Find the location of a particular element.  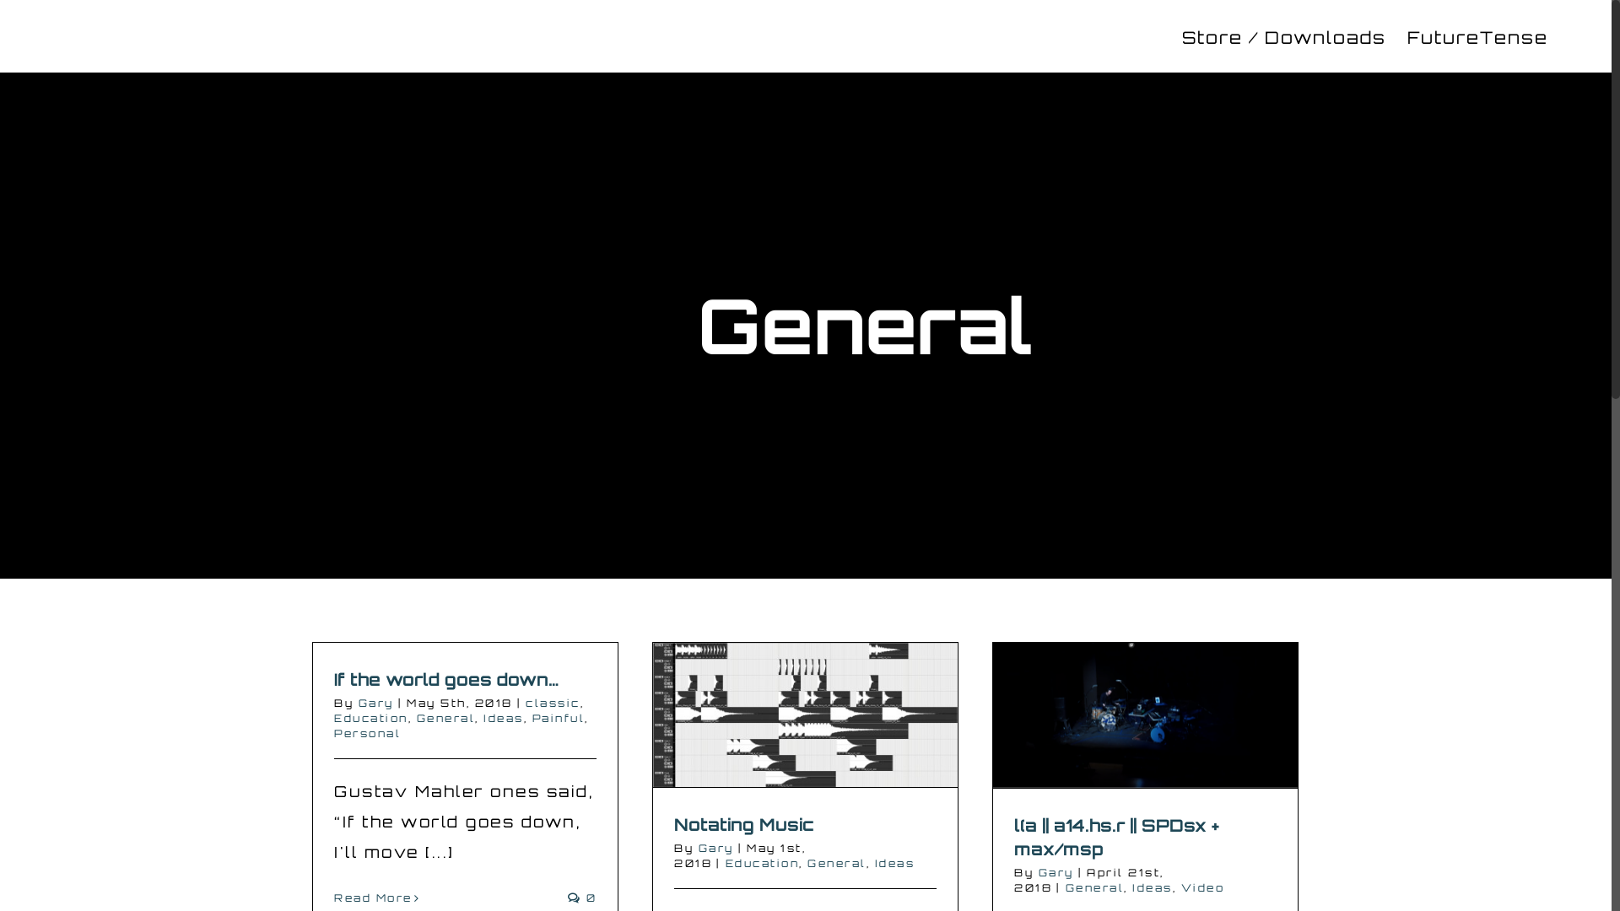

'General' is located at coordinates (445, 718).